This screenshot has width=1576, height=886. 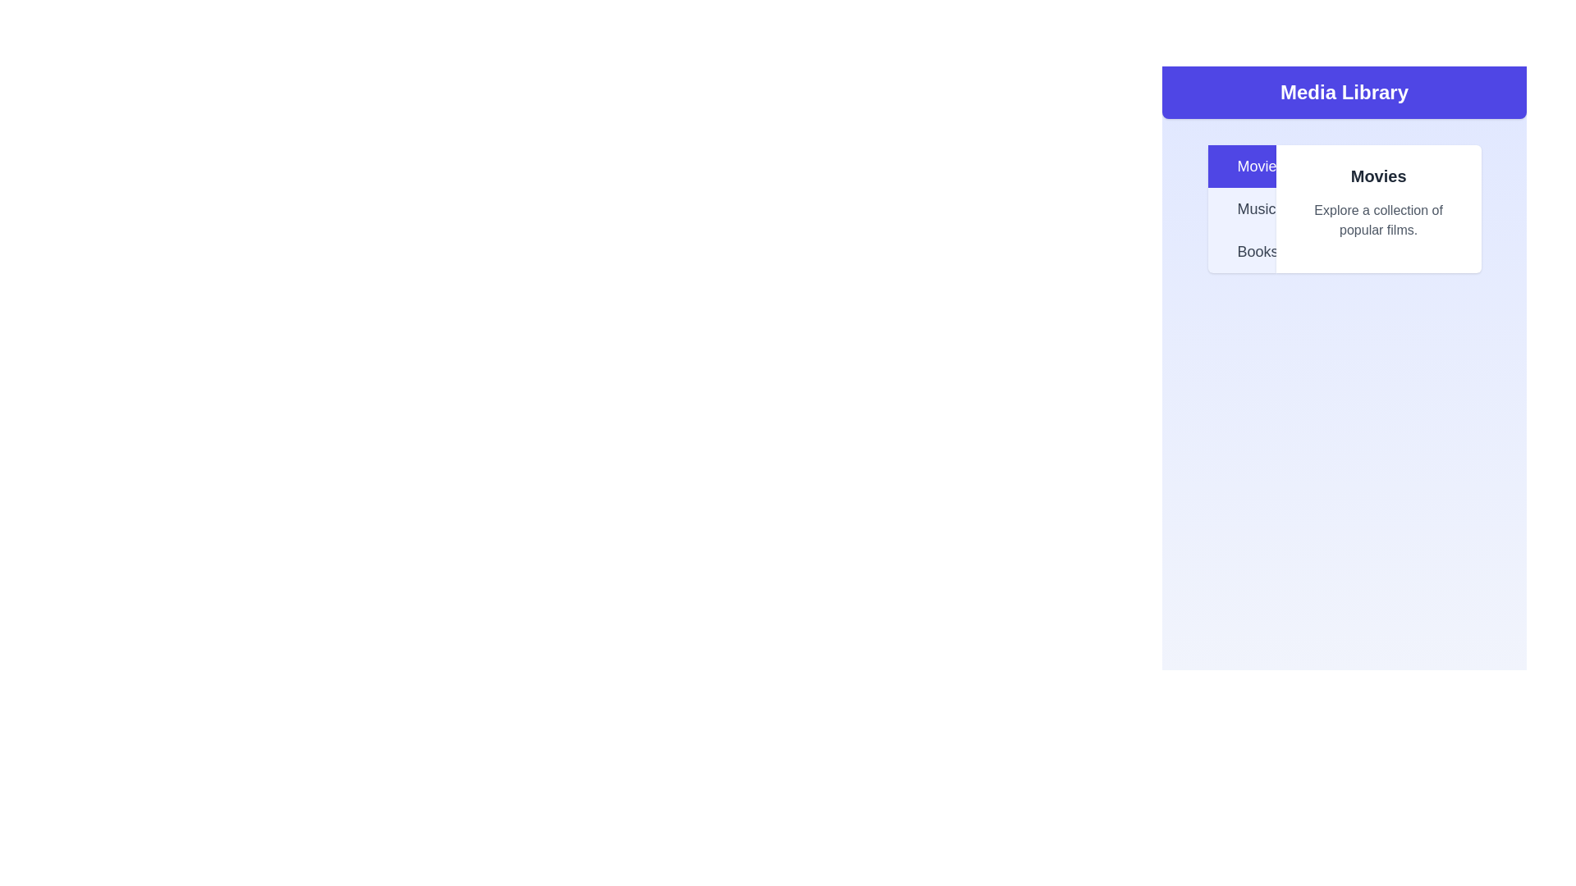 What do you see at coordinates (1241, 208) in the screenshot?
I see `the tab labeled Music to switch to its content` at bounding box center [1241, 208].